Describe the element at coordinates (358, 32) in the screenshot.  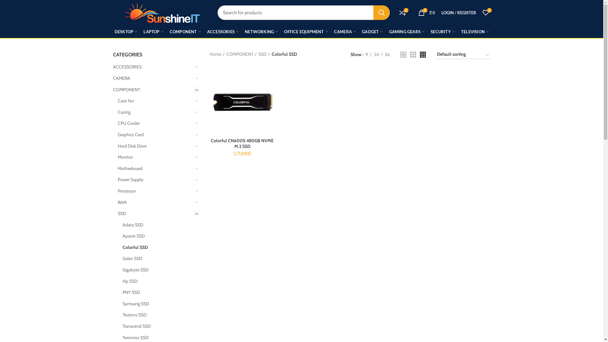
I see `'GADGET'` at that location.